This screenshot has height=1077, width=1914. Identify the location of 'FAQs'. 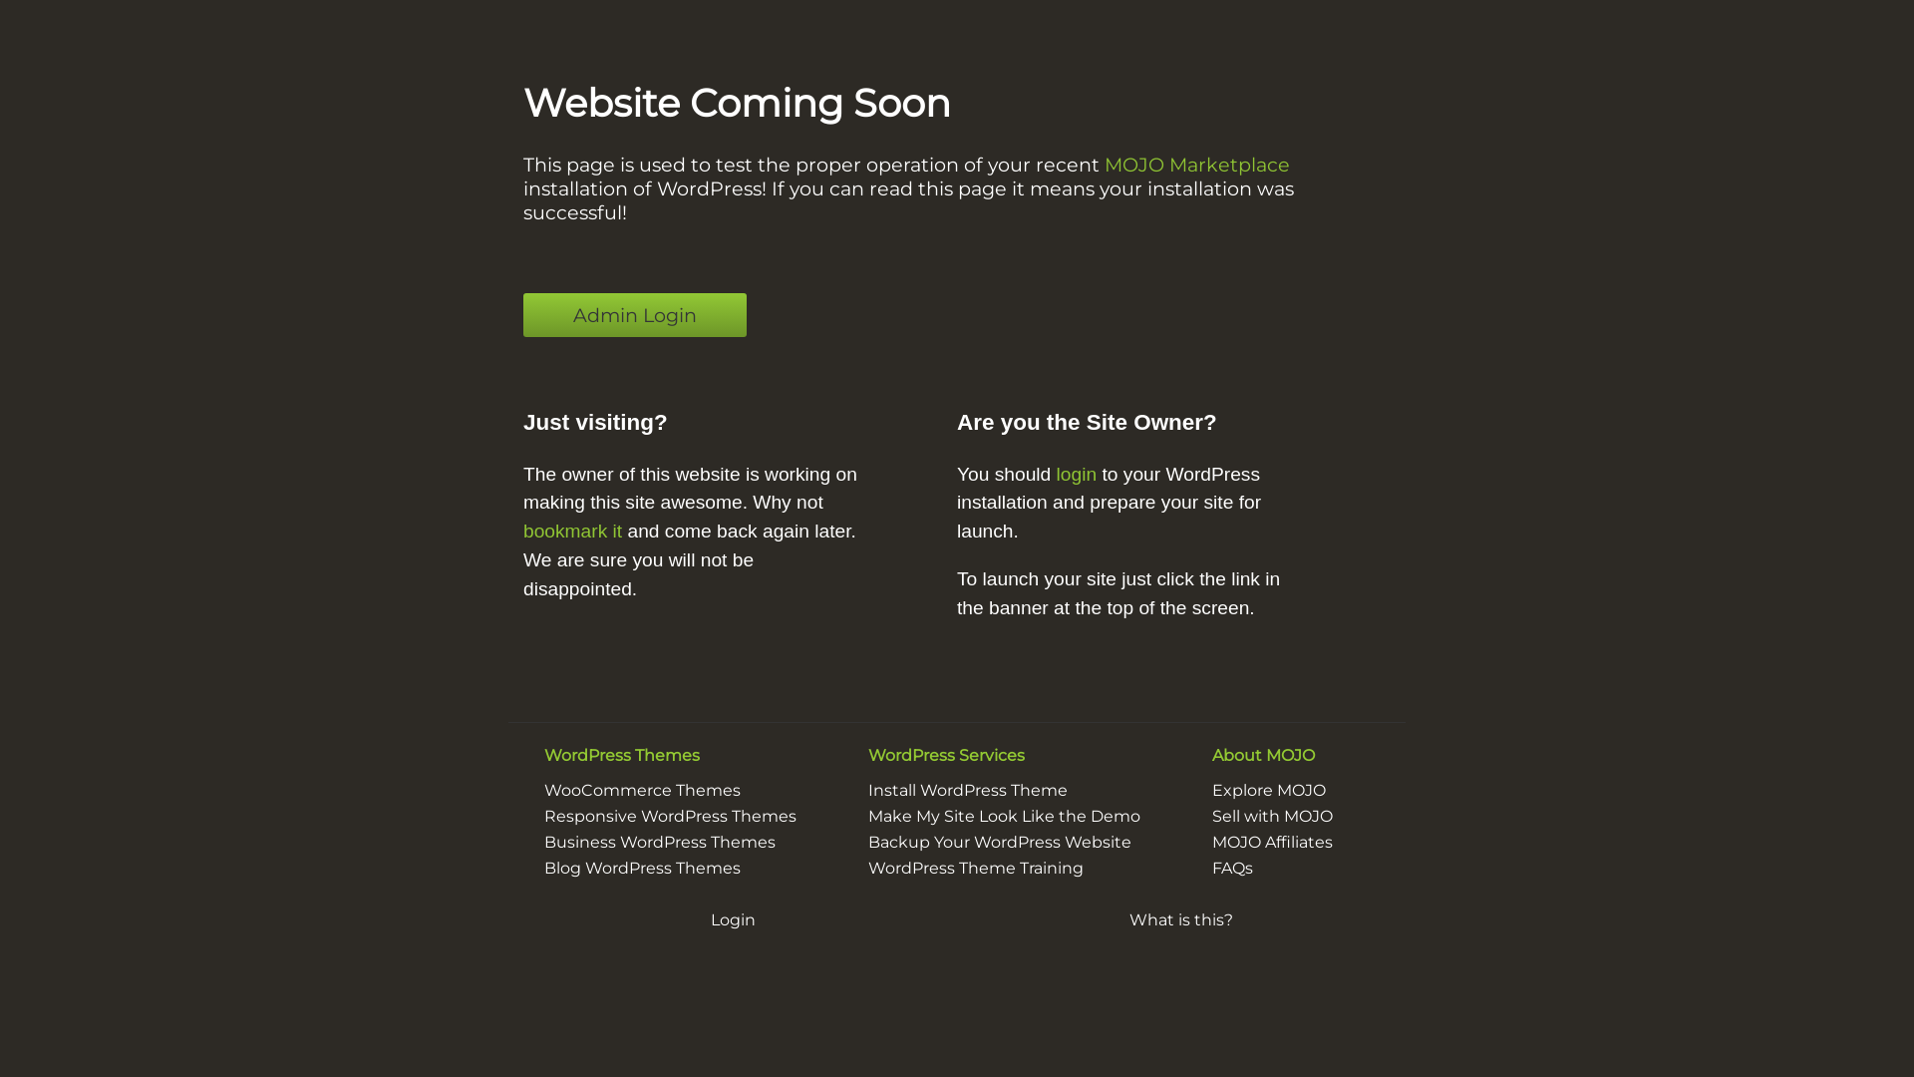
(1231, 867).